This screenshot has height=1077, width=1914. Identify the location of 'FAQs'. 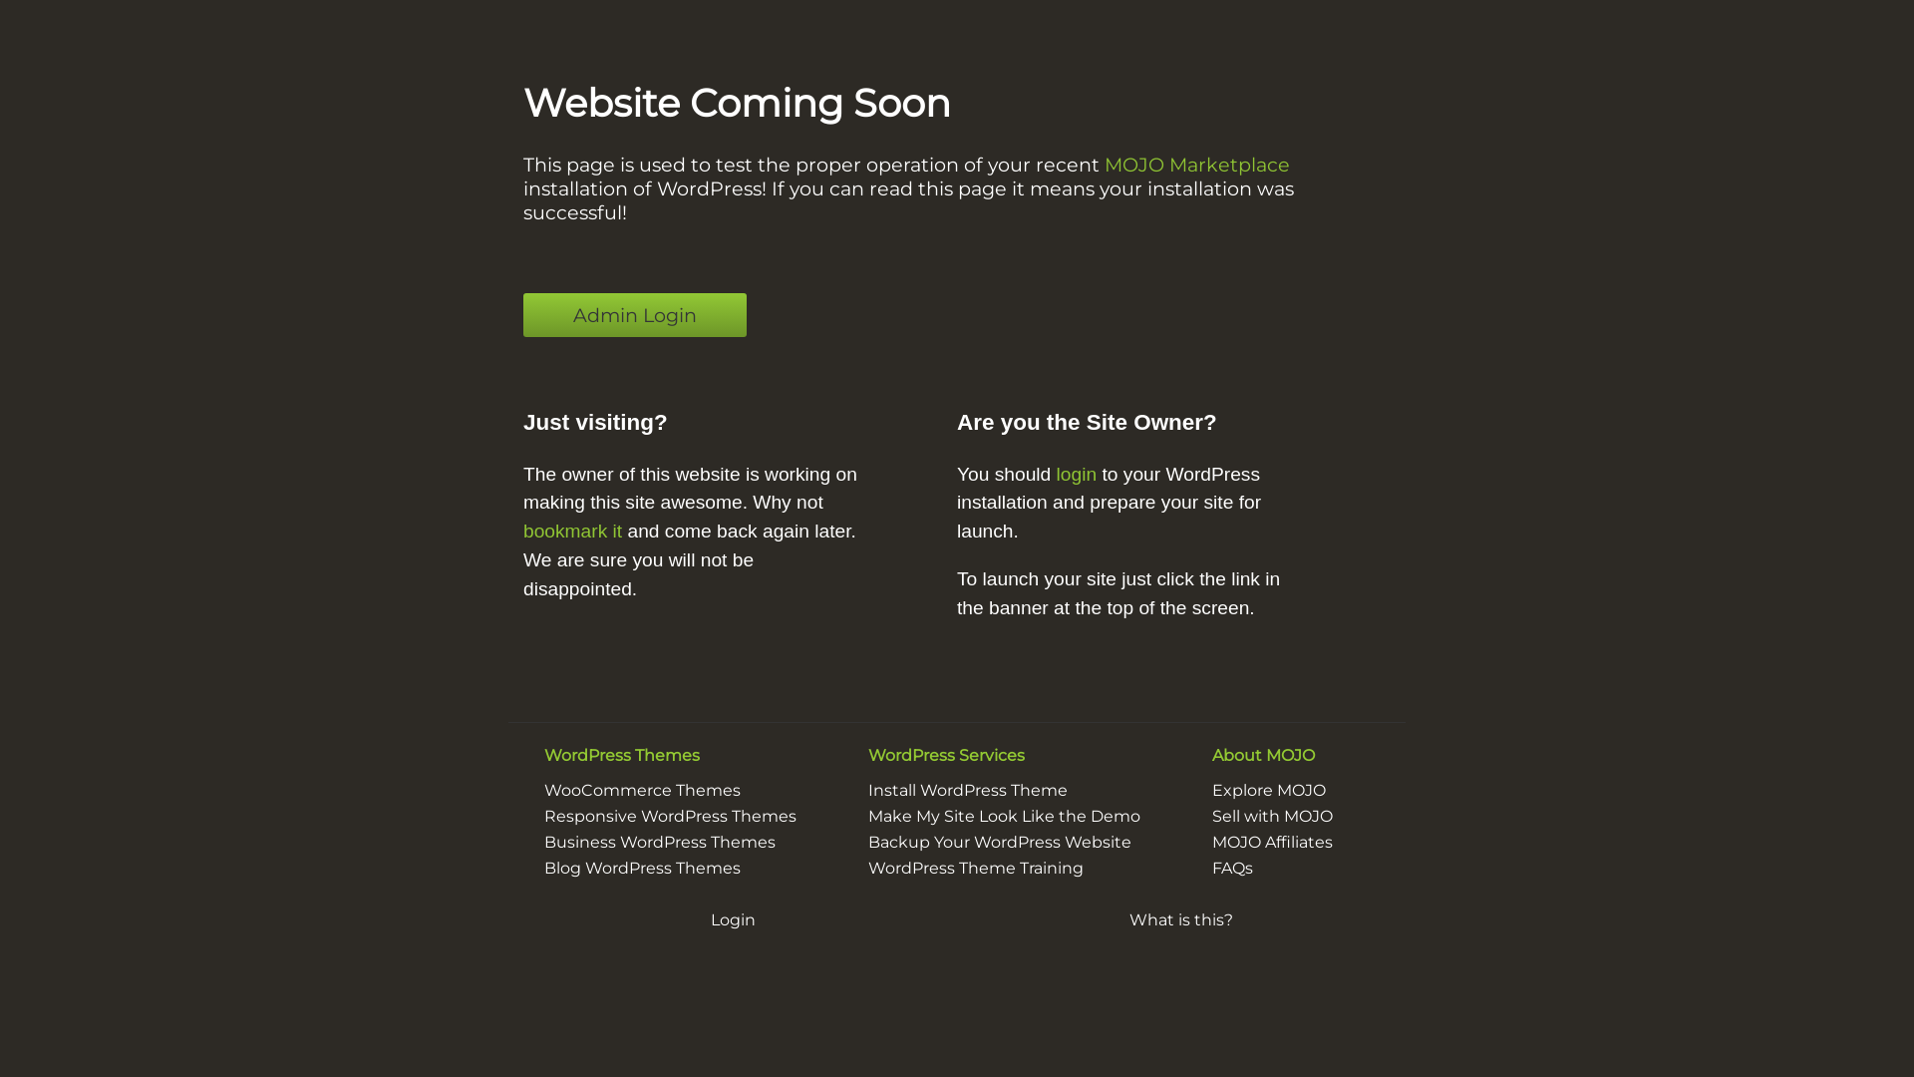
(1231, 867).